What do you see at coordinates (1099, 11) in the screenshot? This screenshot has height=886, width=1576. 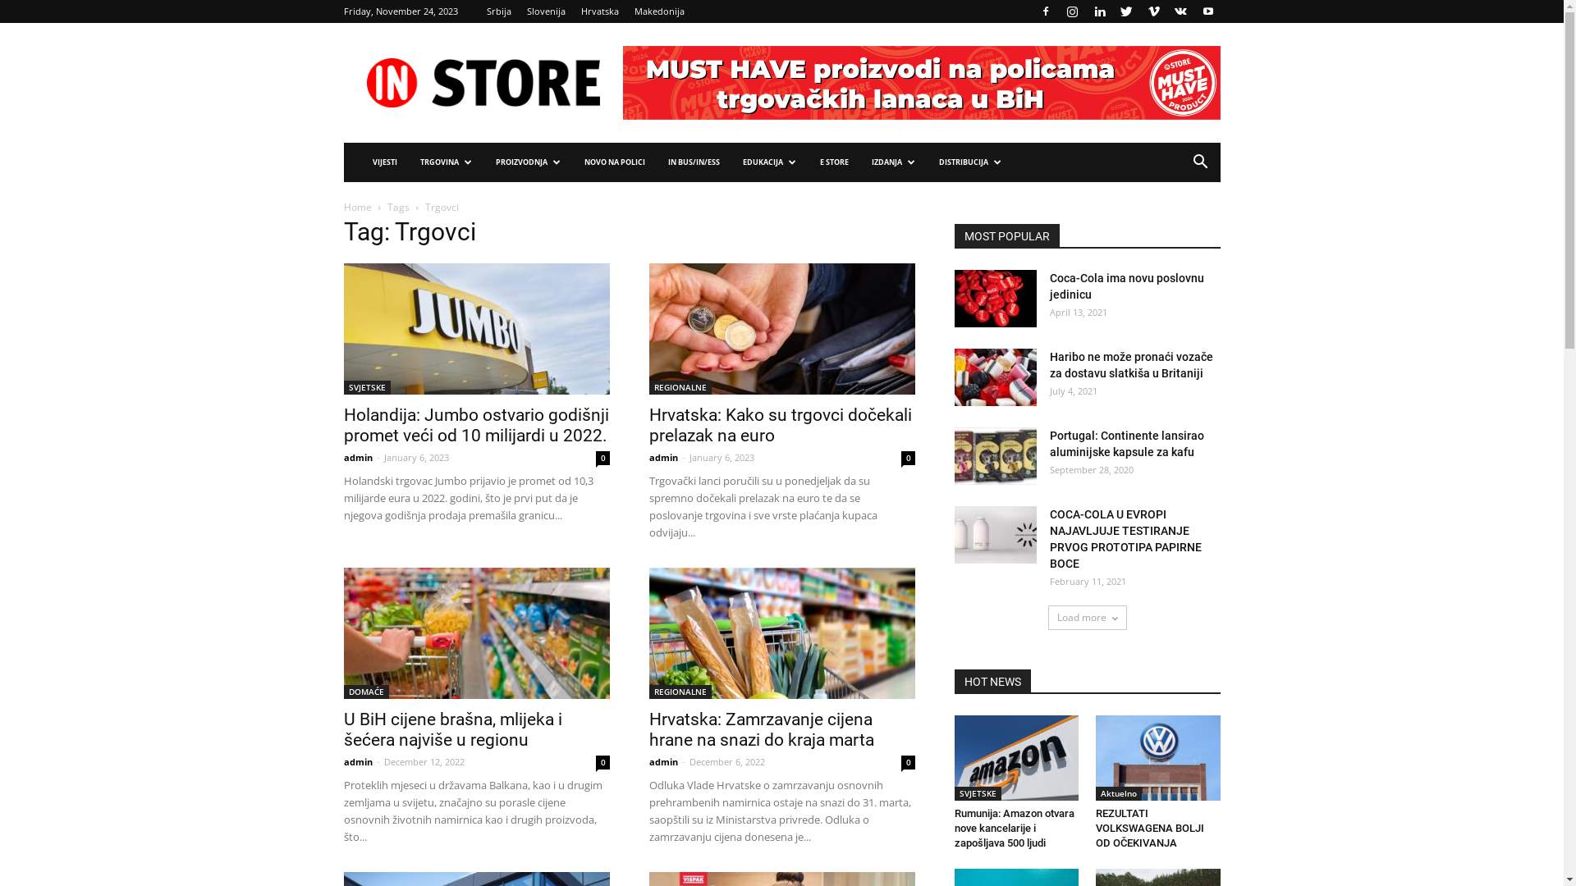 I see `'Linkedin'` at bounding box center [1099, 11].